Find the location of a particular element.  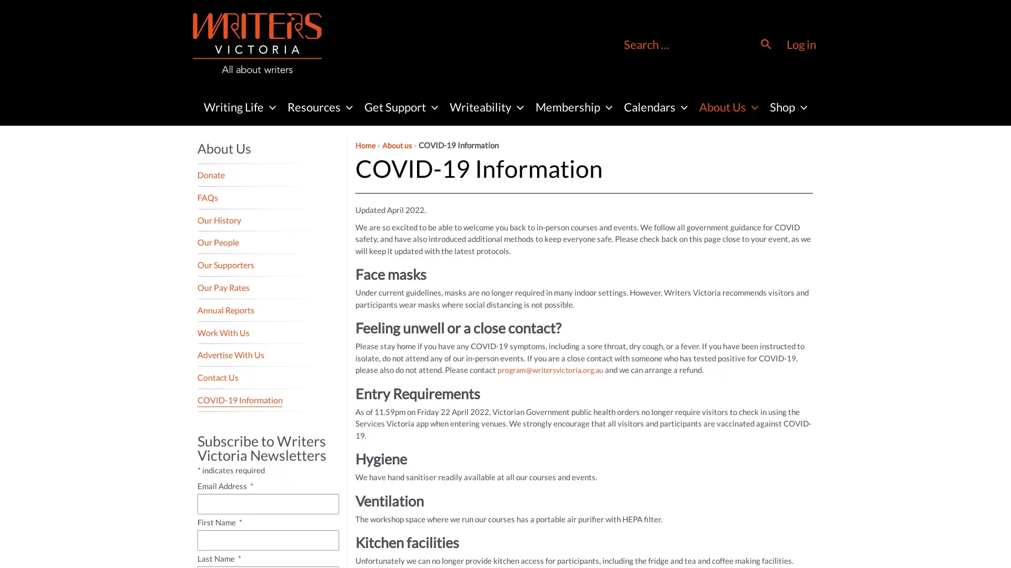

Search is located at coordinates (766, 44).